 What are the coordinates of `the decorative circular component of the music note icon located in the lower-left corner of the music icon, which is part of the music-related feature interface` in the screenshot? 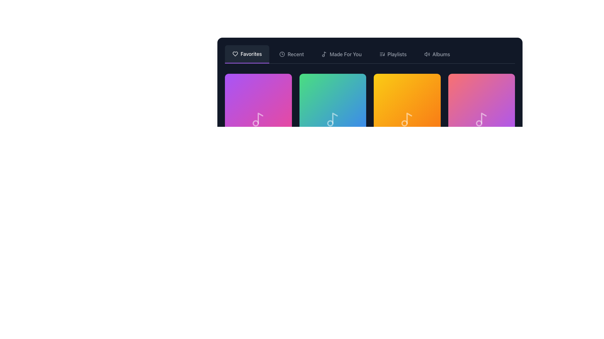 It's located at (330, 123).